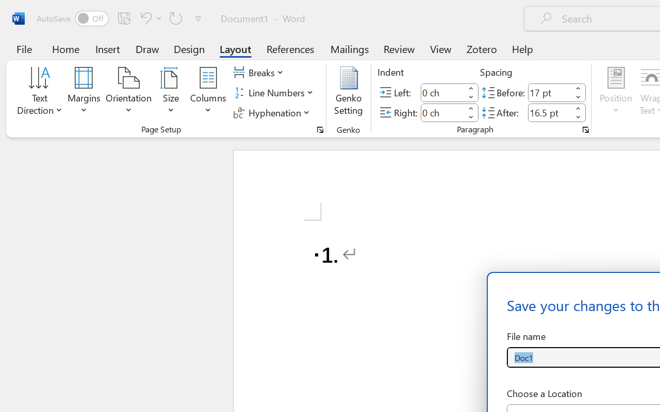 The image size is (660, 412). I want to click on 'Size', so click(171, 92).